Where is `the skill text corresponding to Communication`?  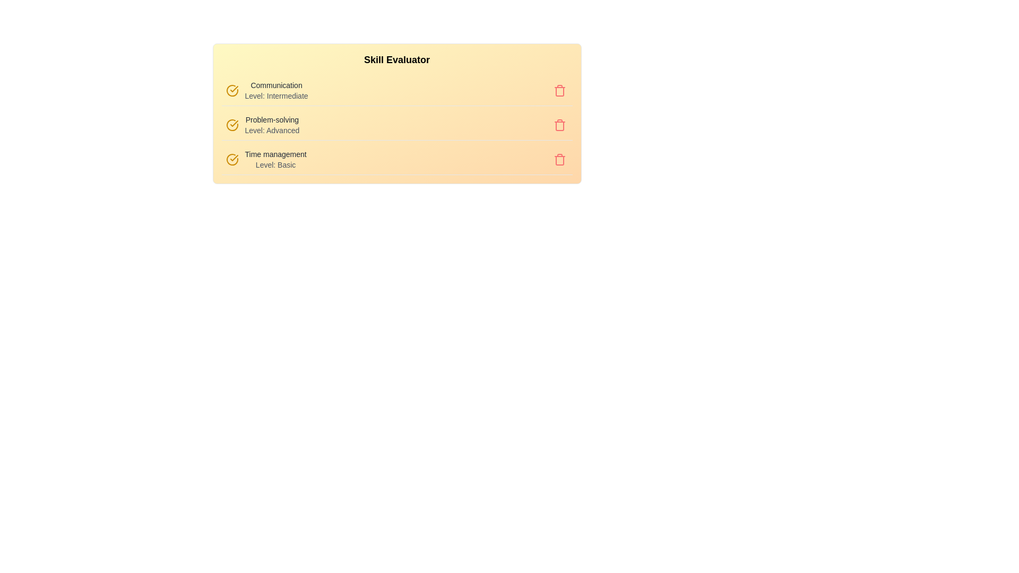 the skill text corresponding to Communication is located at coordinates (277, 90).